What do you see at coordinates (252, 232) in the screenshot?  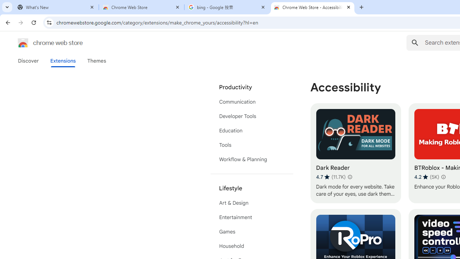 I see `'Games'` at bounding box center [252, 232].